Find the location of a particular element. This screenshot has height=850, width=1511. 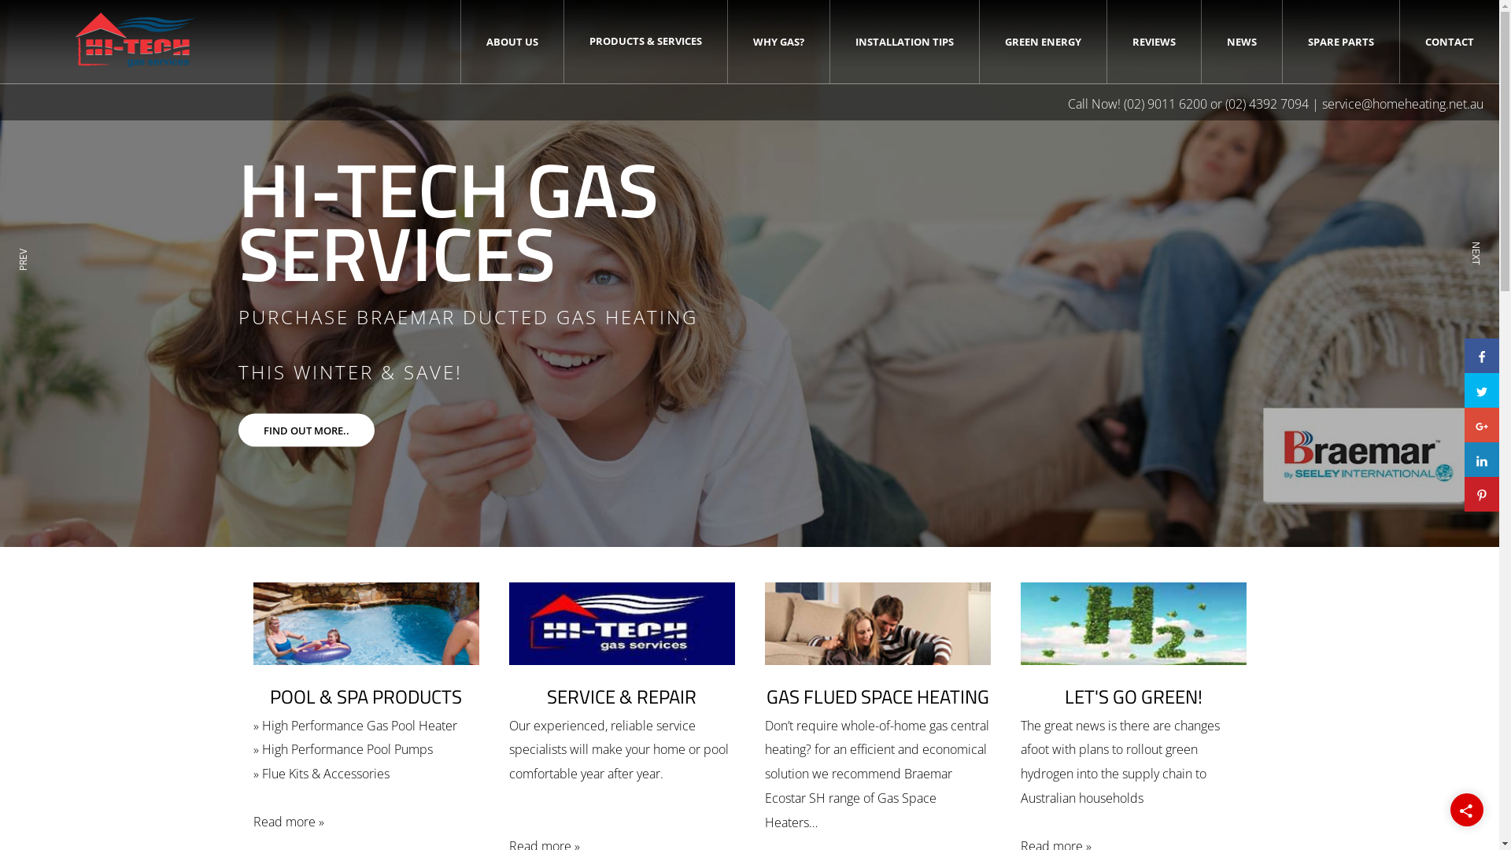

'NEXT' is located at coordinates (1472, 275).